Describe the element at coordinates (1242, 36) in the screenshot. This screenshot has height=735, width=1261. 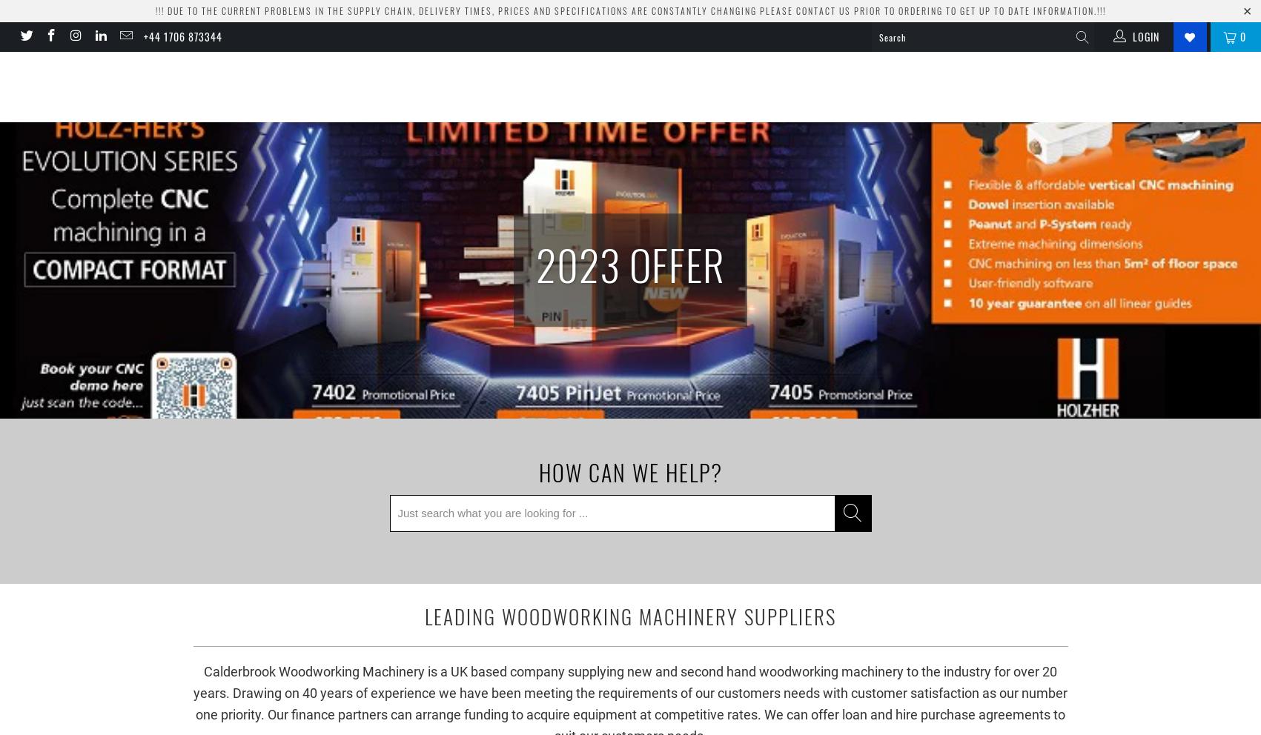
I see `'0'` at that location.